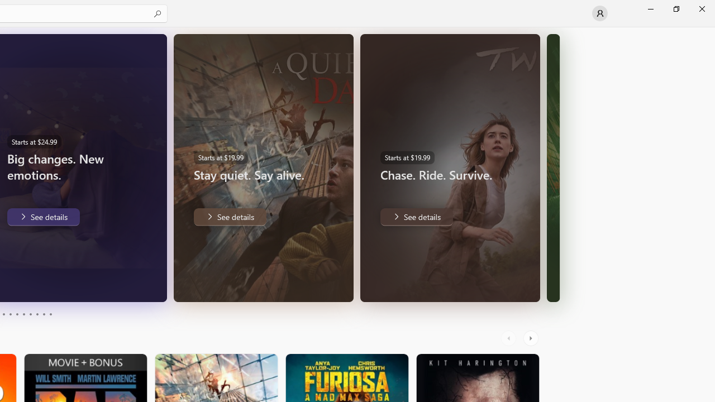  I want to click on 'AutomationID: RightScrollButton', so click(531, 338).